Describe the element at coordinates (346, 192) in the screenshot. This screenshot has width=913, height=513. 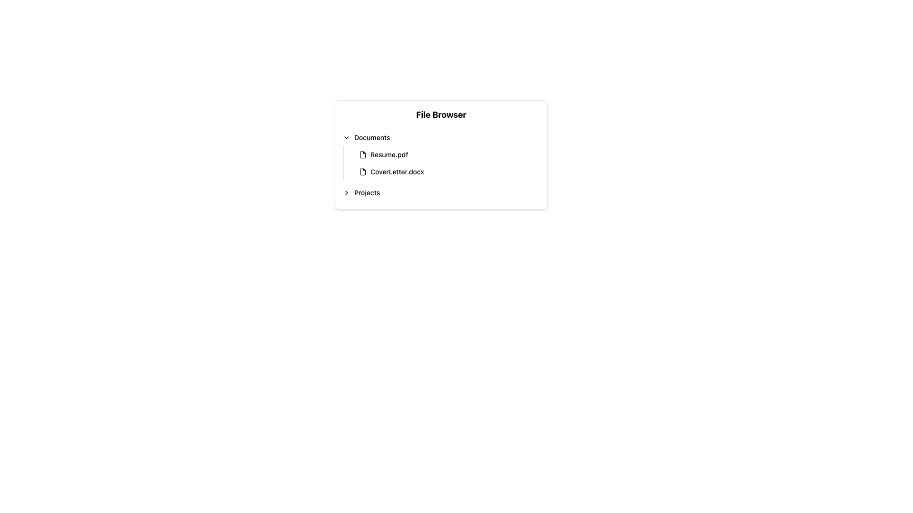
I see `the right-pointing chevron icon located to the left of the 'Projects' text` at that location.